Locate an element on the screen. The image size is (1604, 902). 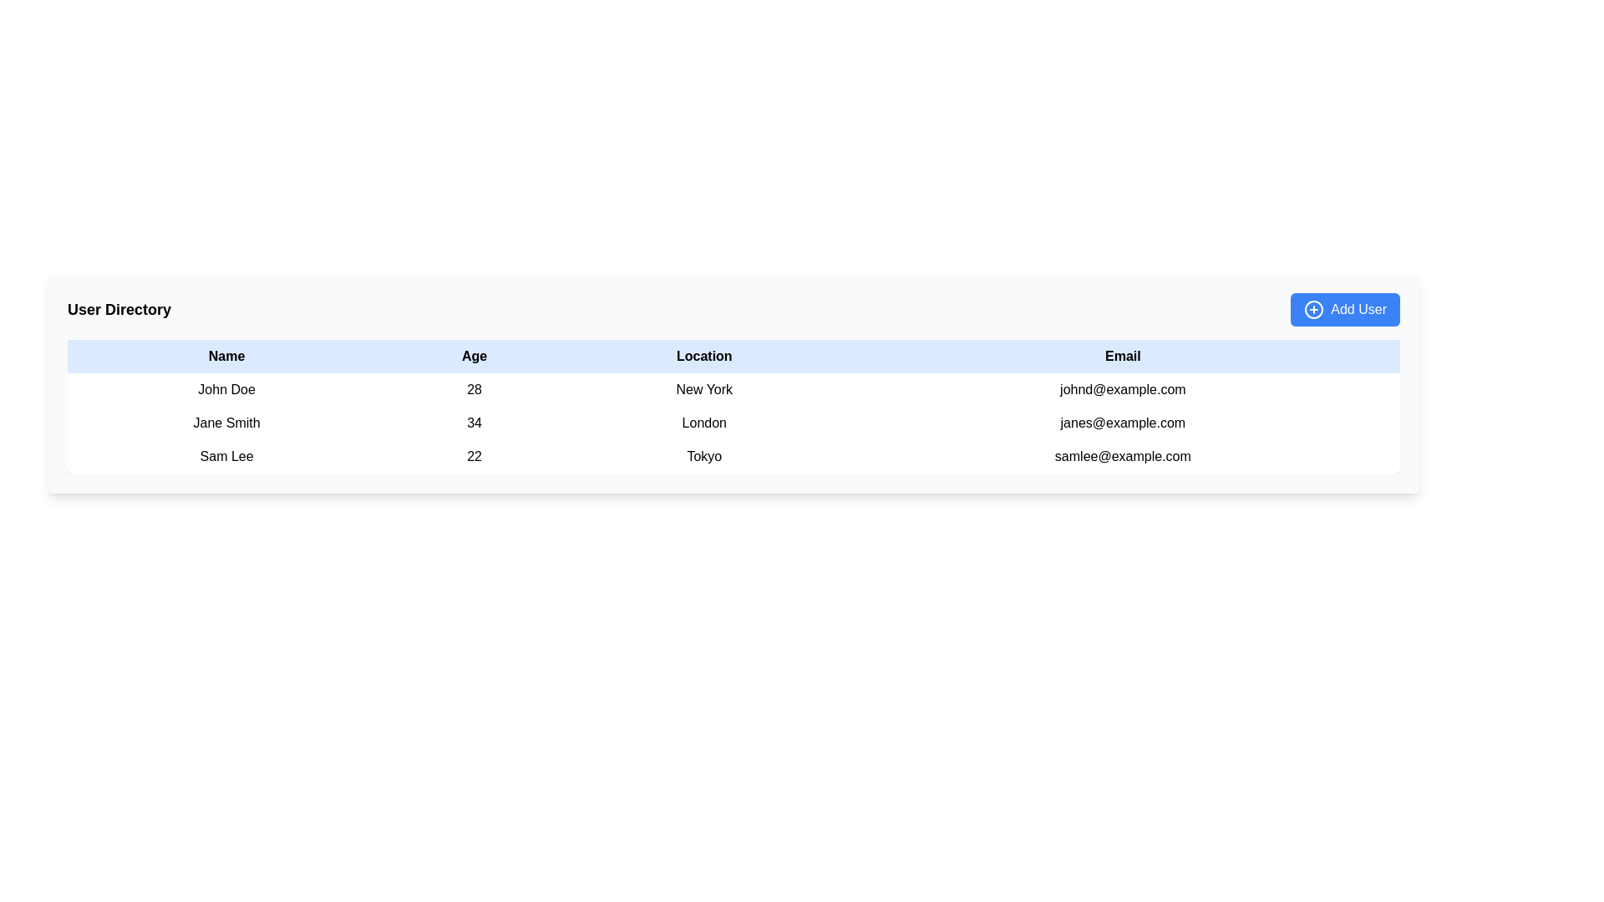
the table cell displaying 'Sam Lee' in the User Directory table, located in the last row under the 'Name' column is located at coordinates (226, 457).